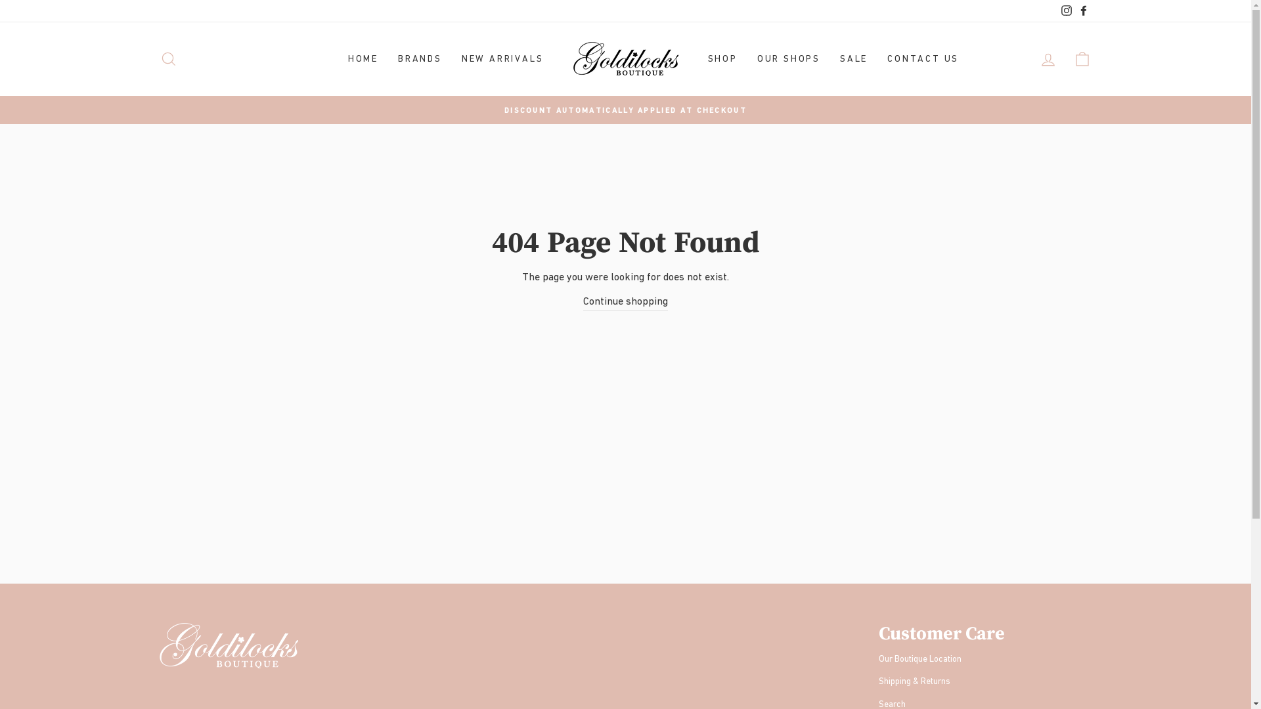 The width and height of the screenshot is (1261, 709). Describe the element at coordinates (919, 658) in the screenshot. I see `'Our Boutique Location'` at that location.